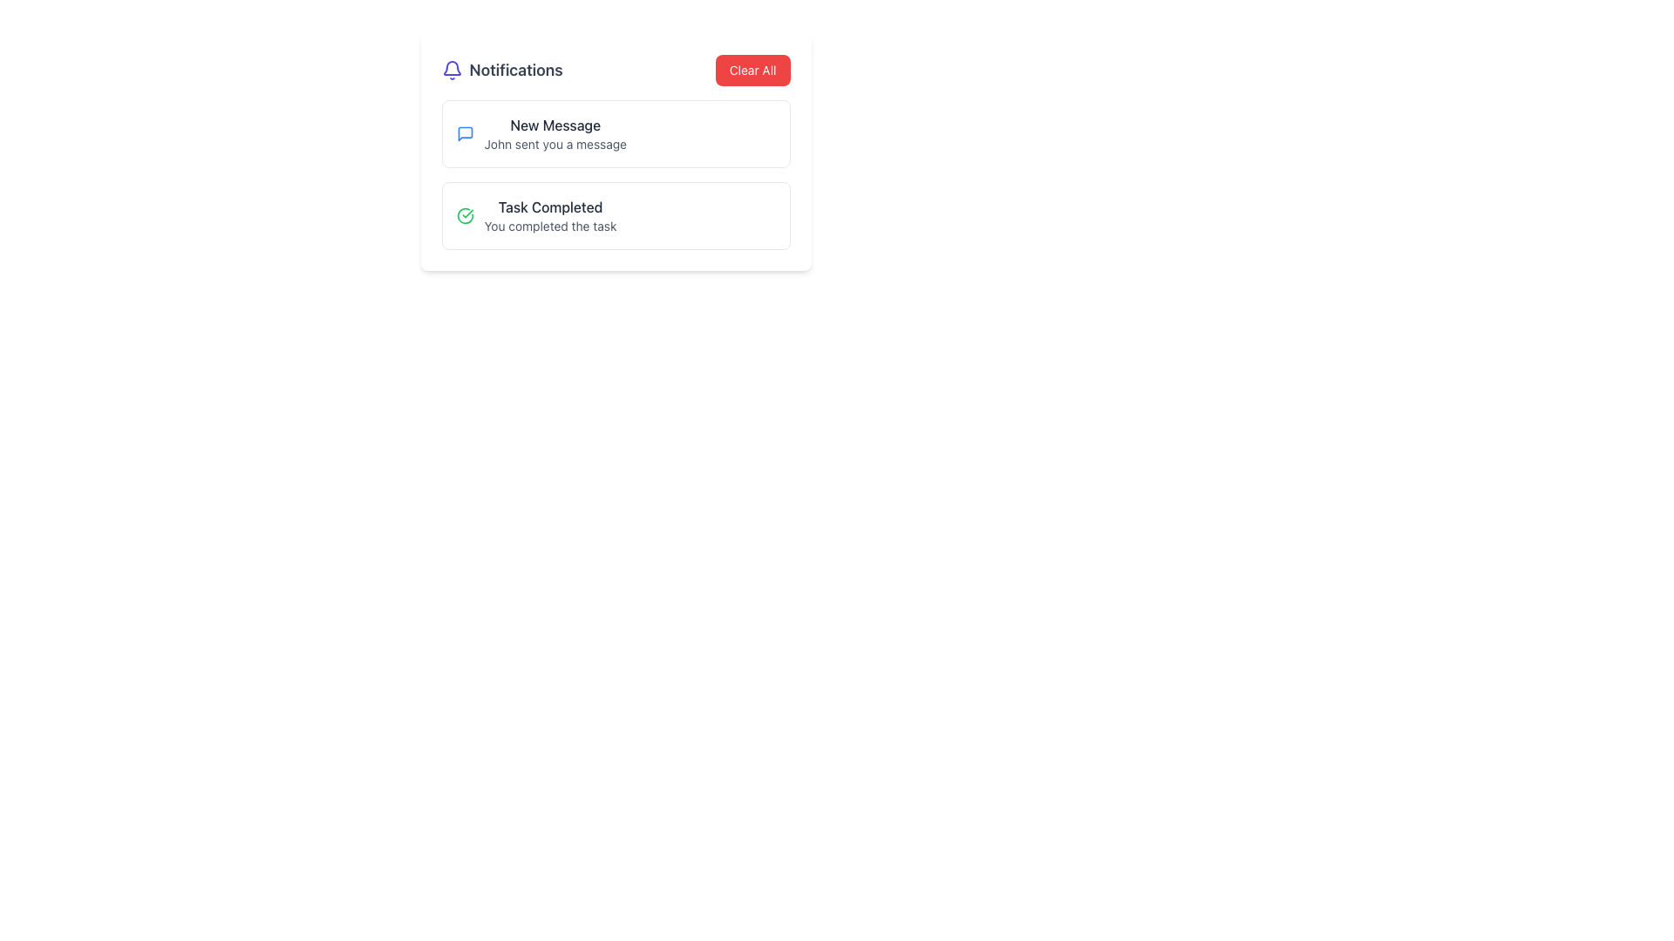 This screenshot has width=1674, height=941. Describe the element at coordinates (555, 143) in the screenshot. I see `the Text display component located below the 'New Message' title to use the surrounding context for further actions` at that location.